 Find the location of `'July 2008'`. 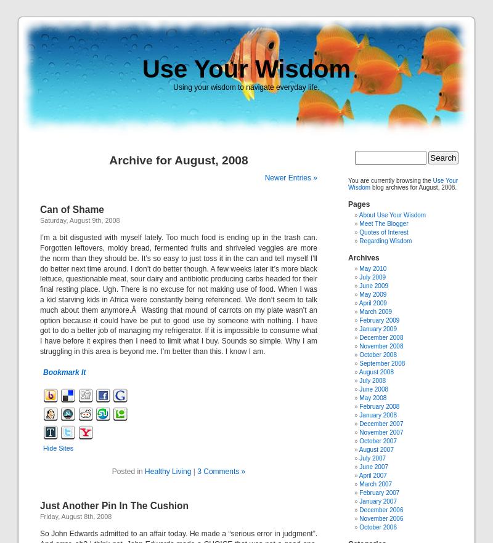

'July 2008' is located at coordinates (372, 380).